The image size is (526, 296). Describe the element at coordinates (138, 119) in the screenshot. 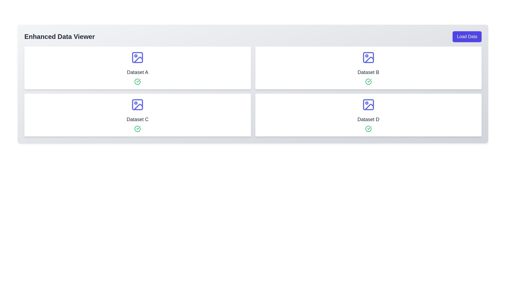

I see `text label located in the lower-left card of a 2x2 grid, positioned directly beneath the blue image icon` at that location.